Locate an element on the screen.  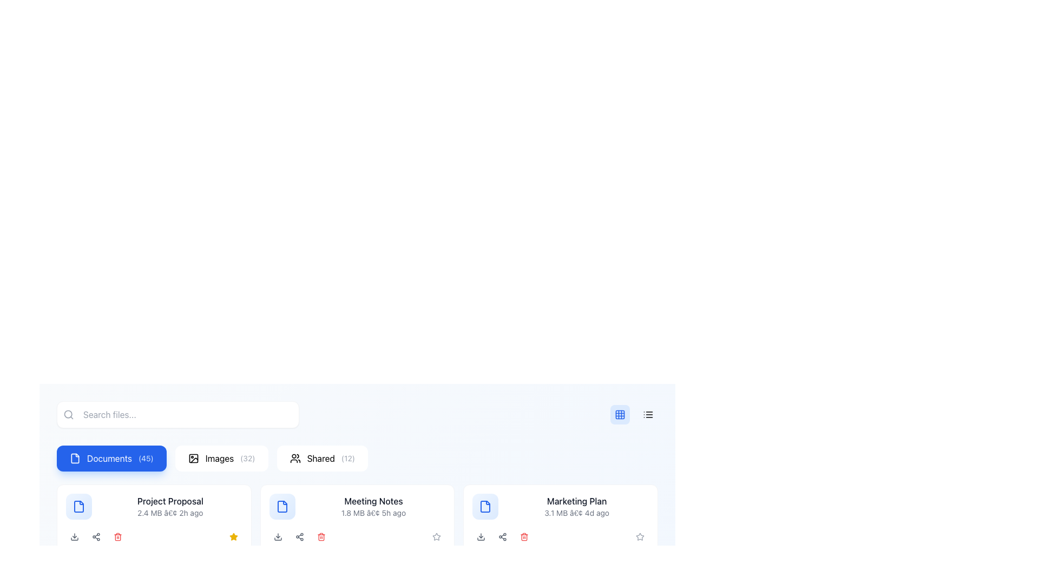
the Action control bar located below the 'Marketing Plan' card in the fourth column, which contains interactive icons such as download, share, delete, and star buttons is located at coordinates (561, 536).